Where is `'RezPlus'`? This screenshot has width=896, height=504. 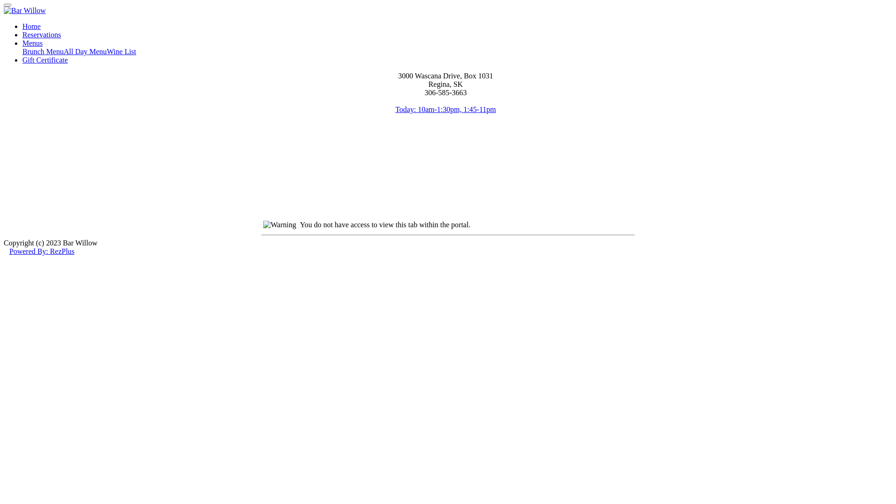 'RezPlus' is located at coordinates (62, 251).